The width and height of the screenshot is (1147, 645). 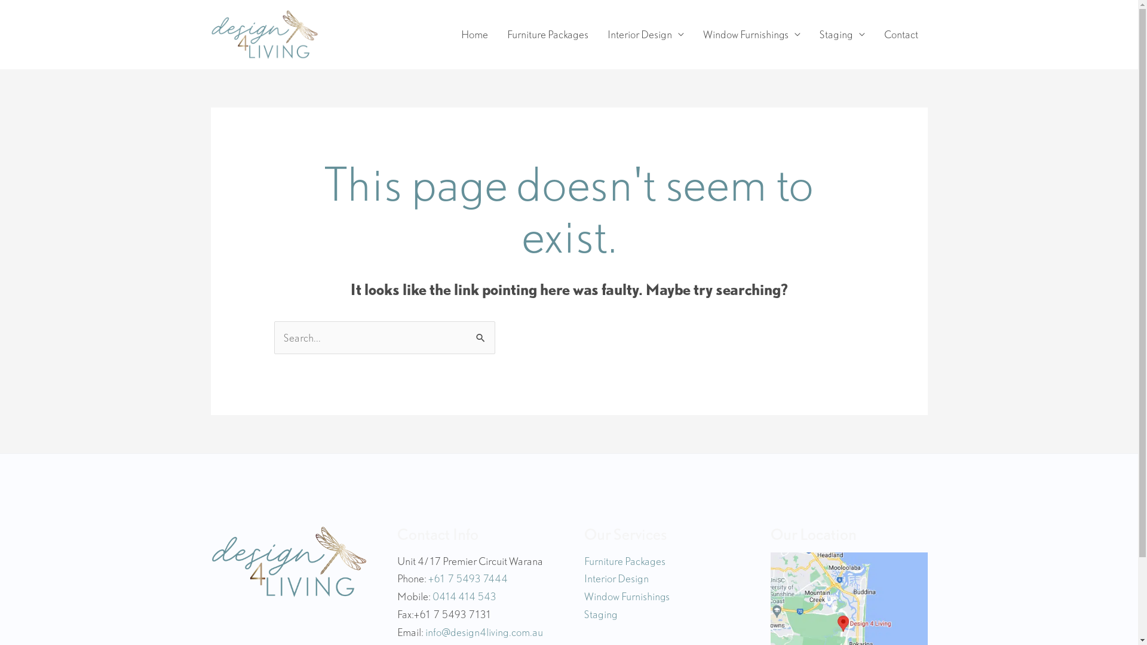 What do you see at coordinates (482, 333) in the screenshot?
I see `'Search'` at bounding box center [482, 333].